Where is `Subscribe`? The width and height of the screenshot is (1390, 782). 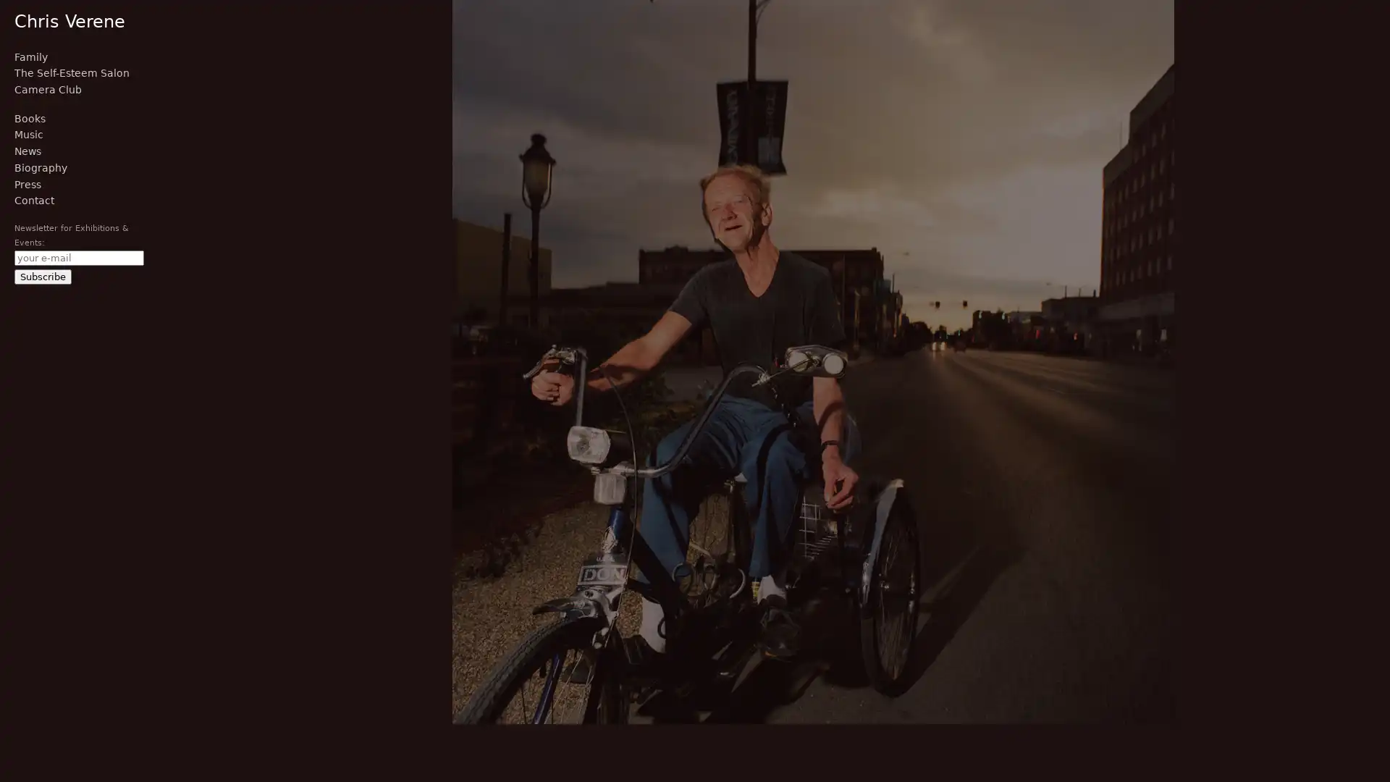 Subscribe is located at coordinates (43, 276).